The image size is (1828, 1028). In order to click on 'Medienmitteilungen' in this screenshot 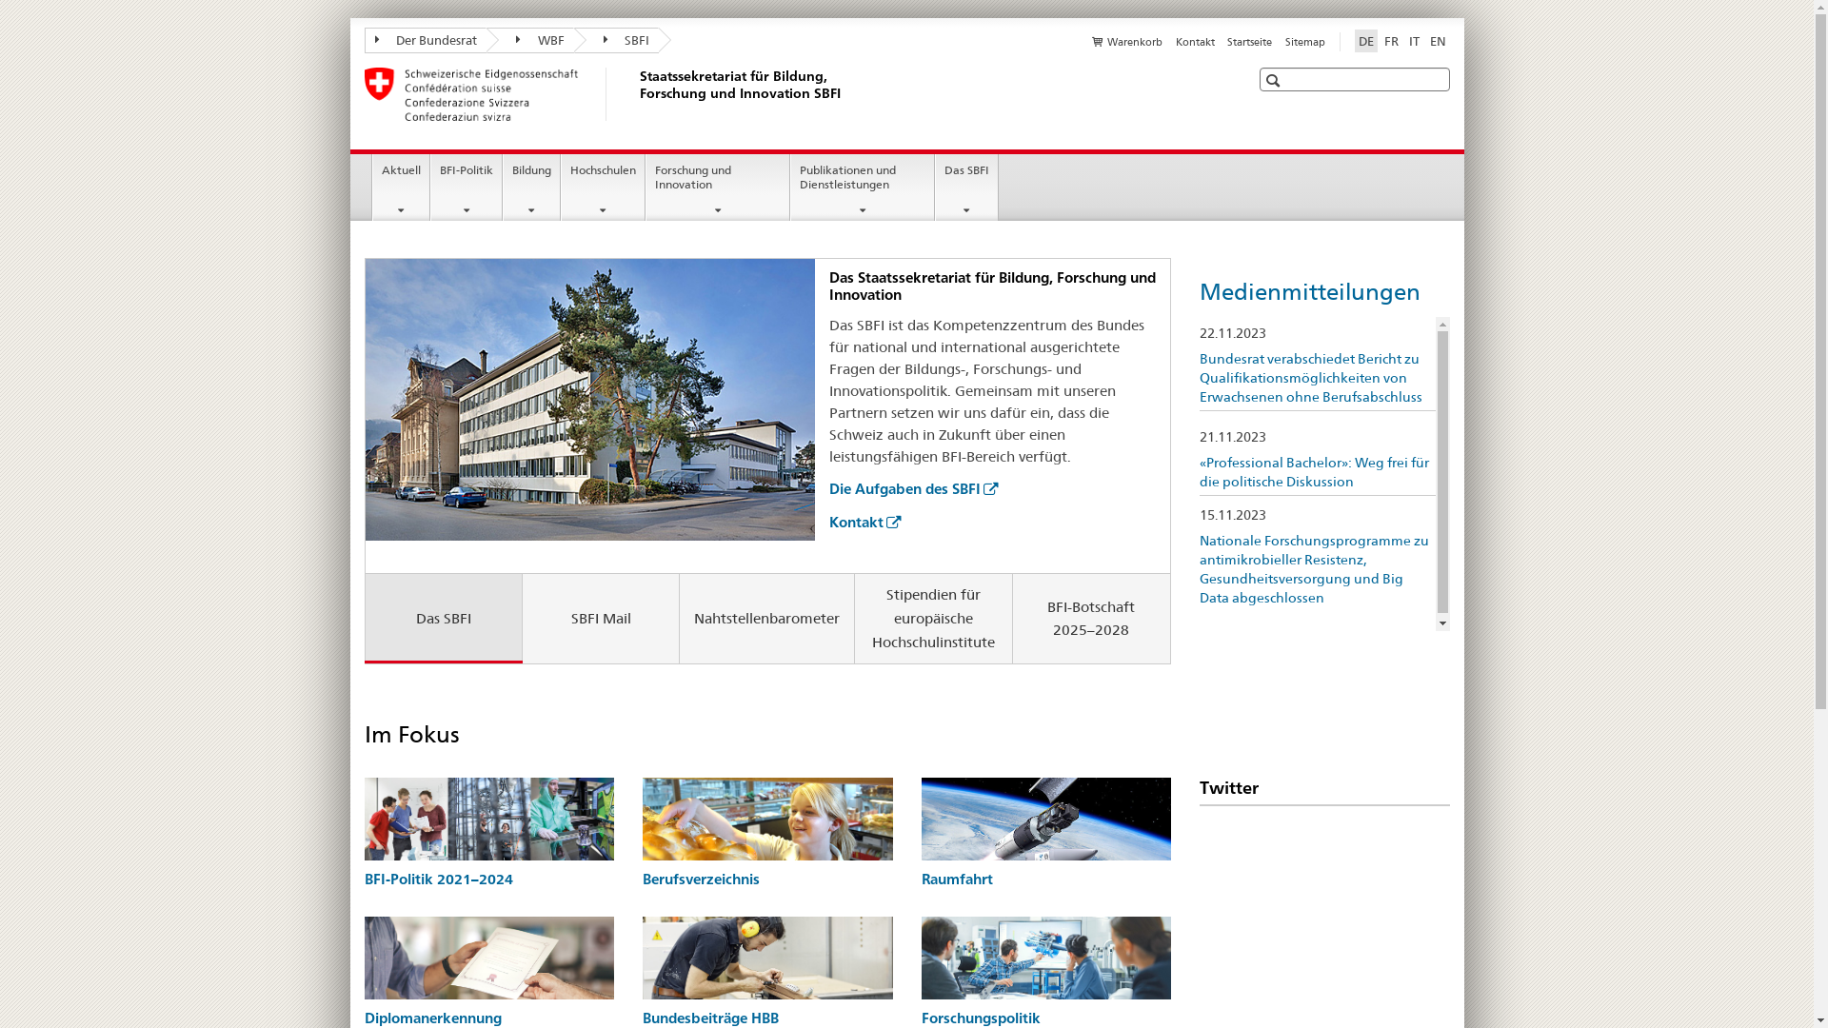, I will do `click(1309, 291)`.